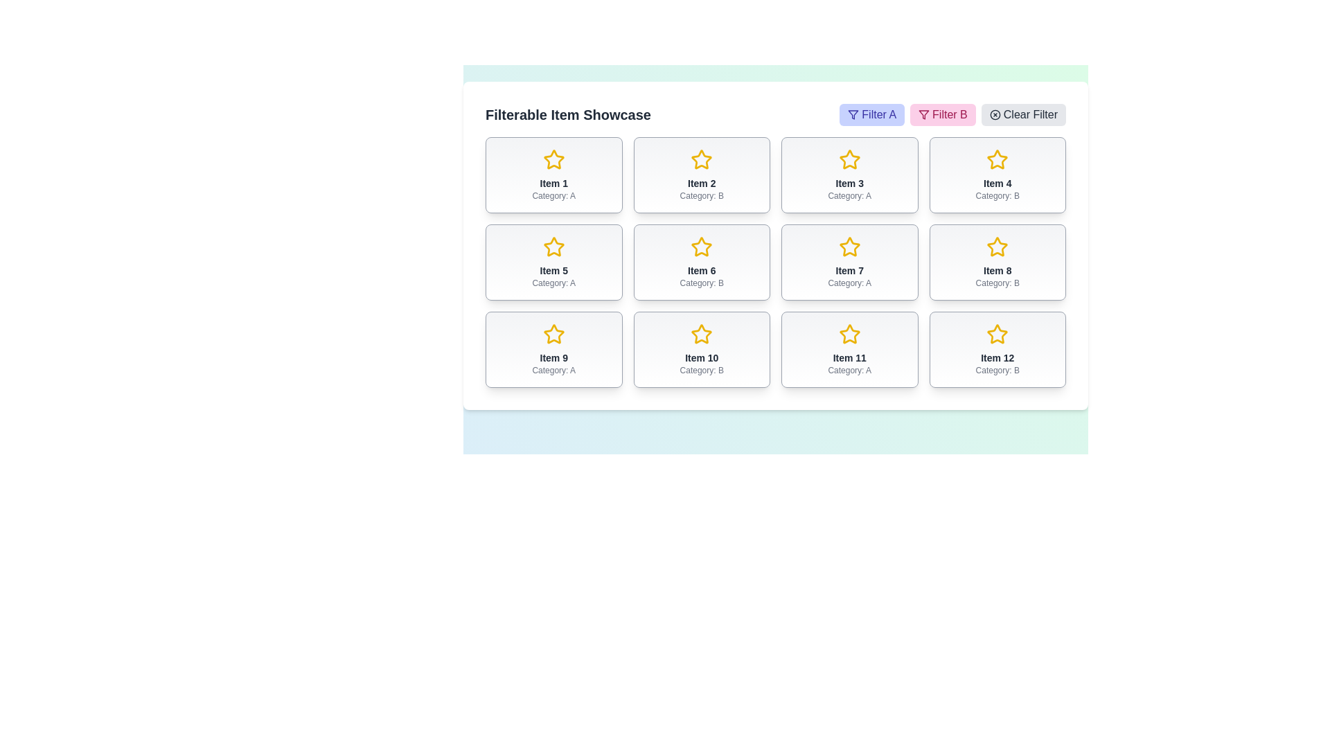 The height and width of the screenshot is (748, 1330). Describe the element at coordinates (553, 357) in the screenshot. I see `text label displaying 'Item 9', which is centrally aligned within its card and has a bold, medium-sized font in dark gray color` at that location.